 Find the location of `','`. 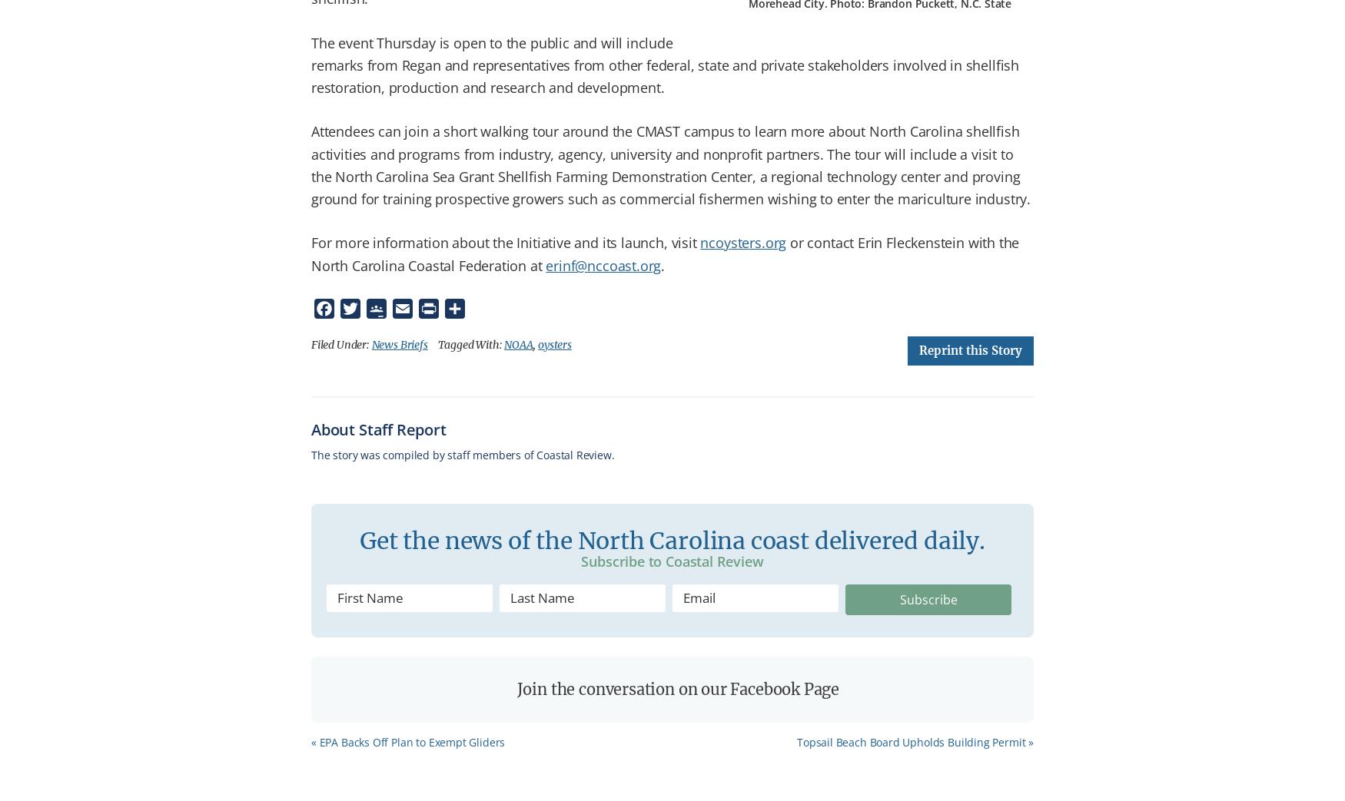

',' is located at coordinates (535, 343).